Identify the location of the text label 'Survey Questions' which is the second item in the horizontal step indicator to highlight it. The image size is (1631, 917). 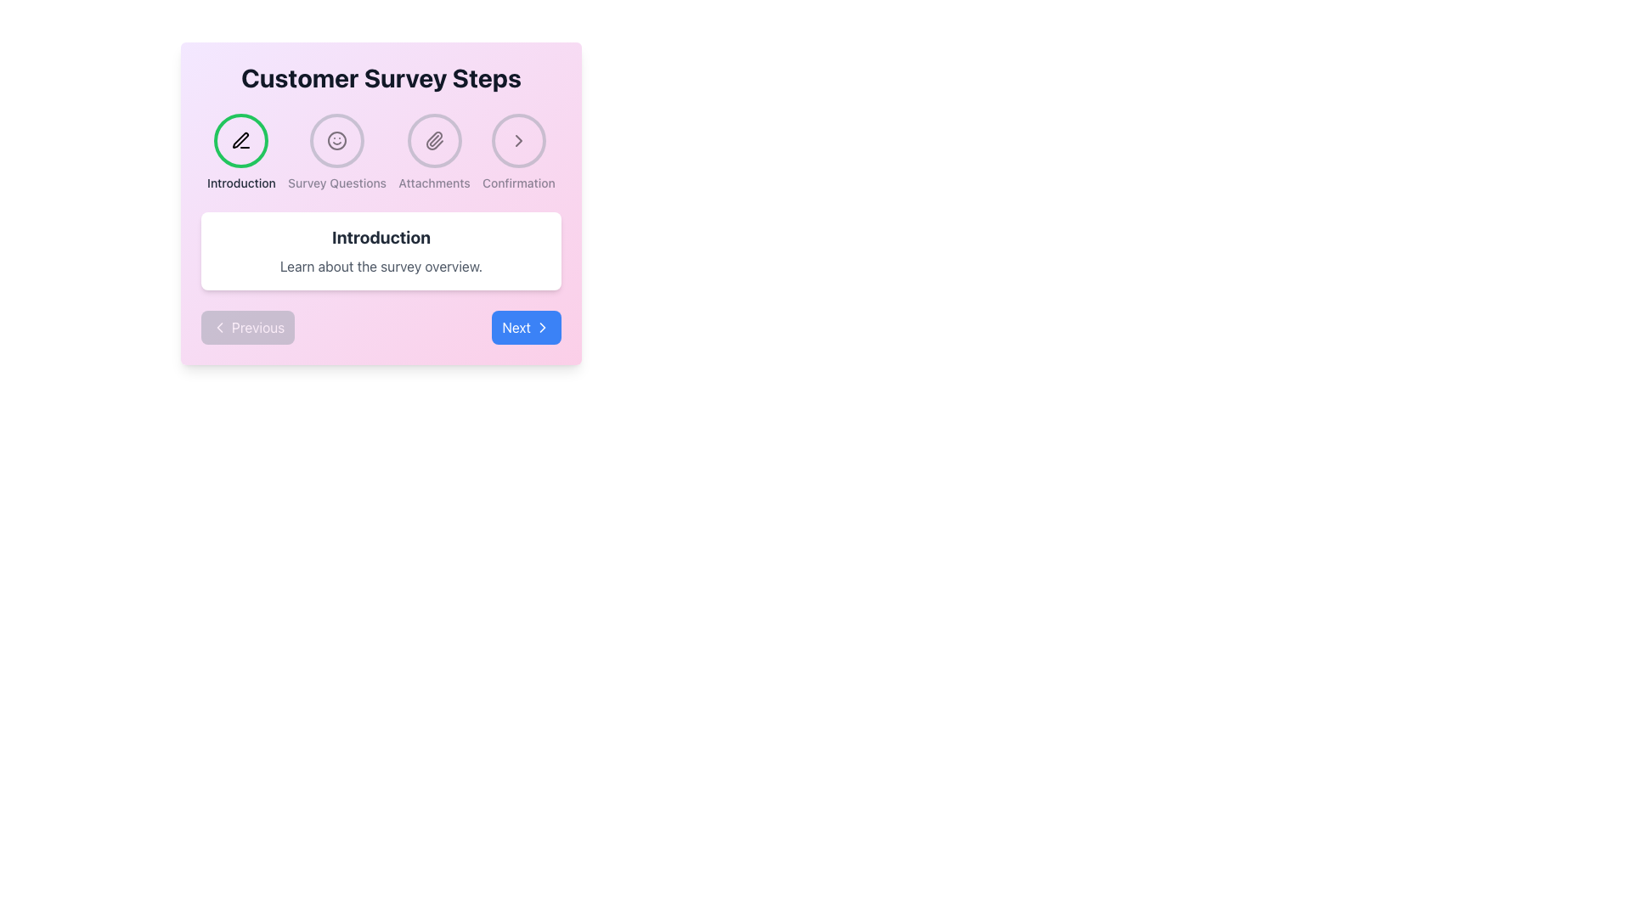
(337, 183).